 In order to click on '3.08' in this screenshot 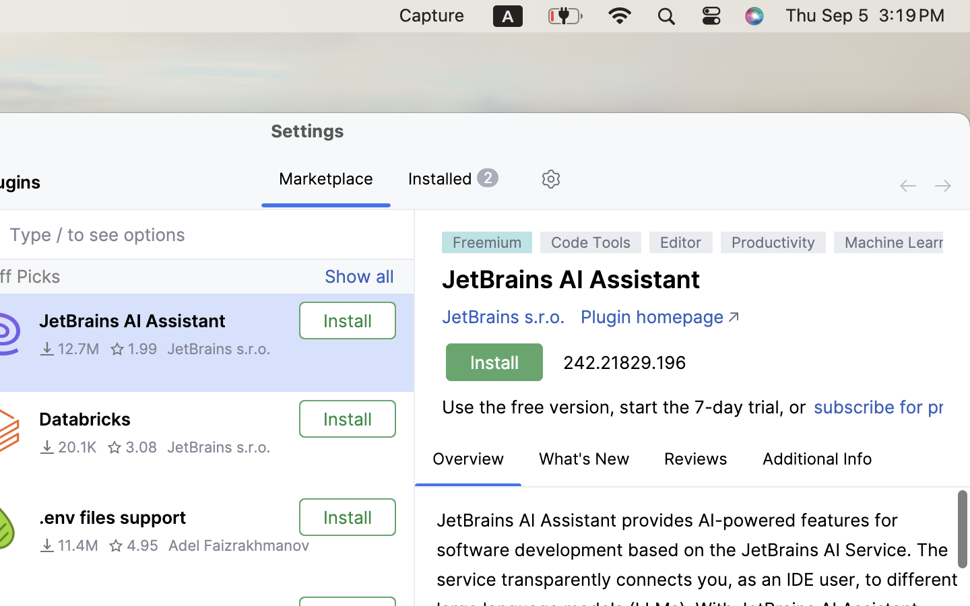, I will do `click(131, 447)`.